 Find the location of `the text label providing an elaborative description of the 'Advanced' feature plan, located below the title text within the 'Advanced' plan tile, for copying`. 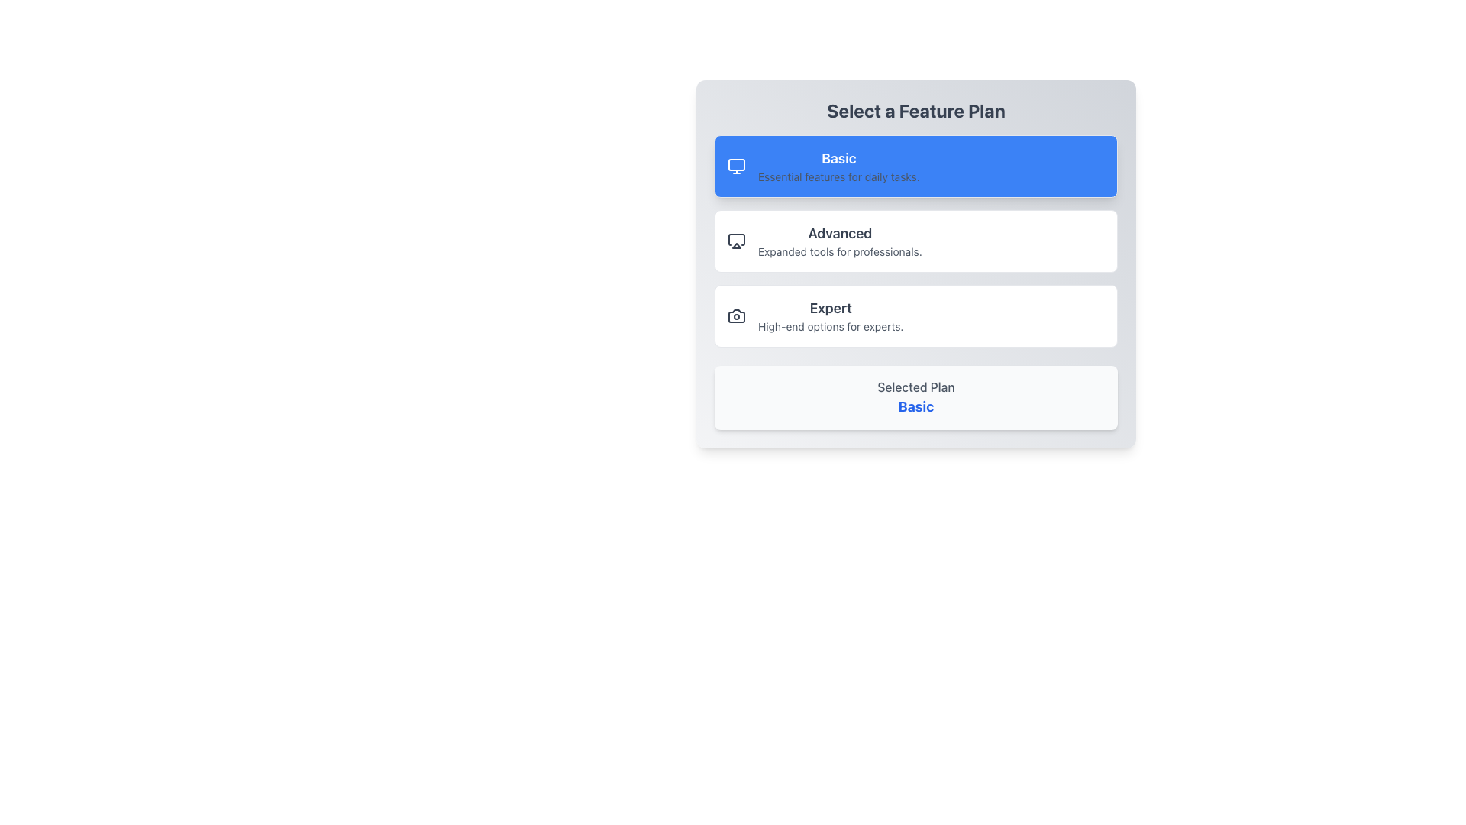

the text label providing an elaborative description of the 'Advanced' feature plan, located below the title text within the 'Advanced' plan tile, for copying is located at coordinates (839, 251).